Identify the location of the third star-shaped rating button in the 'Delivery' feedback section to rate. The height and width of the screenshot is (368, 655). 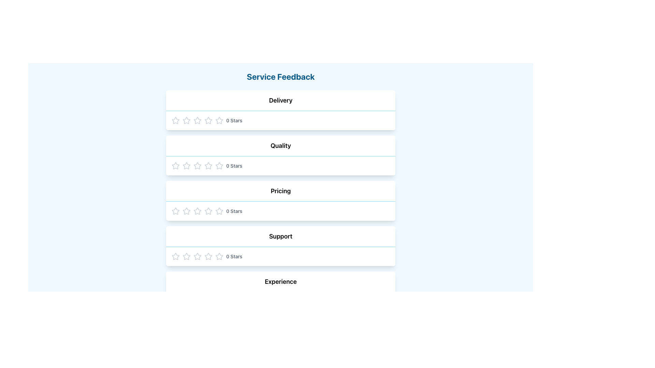
(219, 120).